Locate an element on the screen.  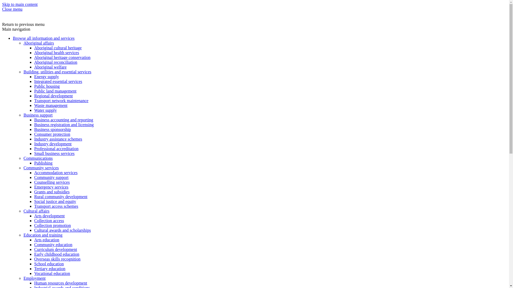
'Close menu' is located at coordinates (2, 9).